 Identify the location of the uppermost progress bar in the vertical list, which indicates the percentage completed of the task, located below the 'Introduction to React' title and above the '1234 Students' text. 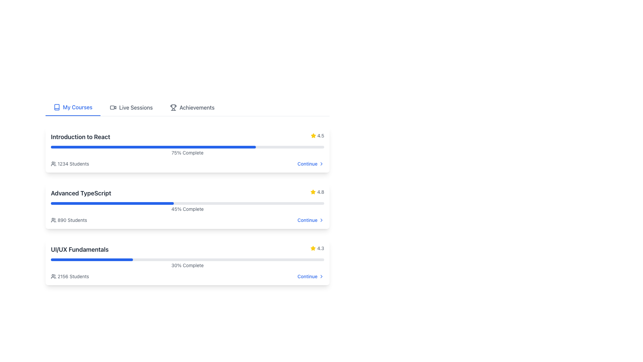
(188, 147).